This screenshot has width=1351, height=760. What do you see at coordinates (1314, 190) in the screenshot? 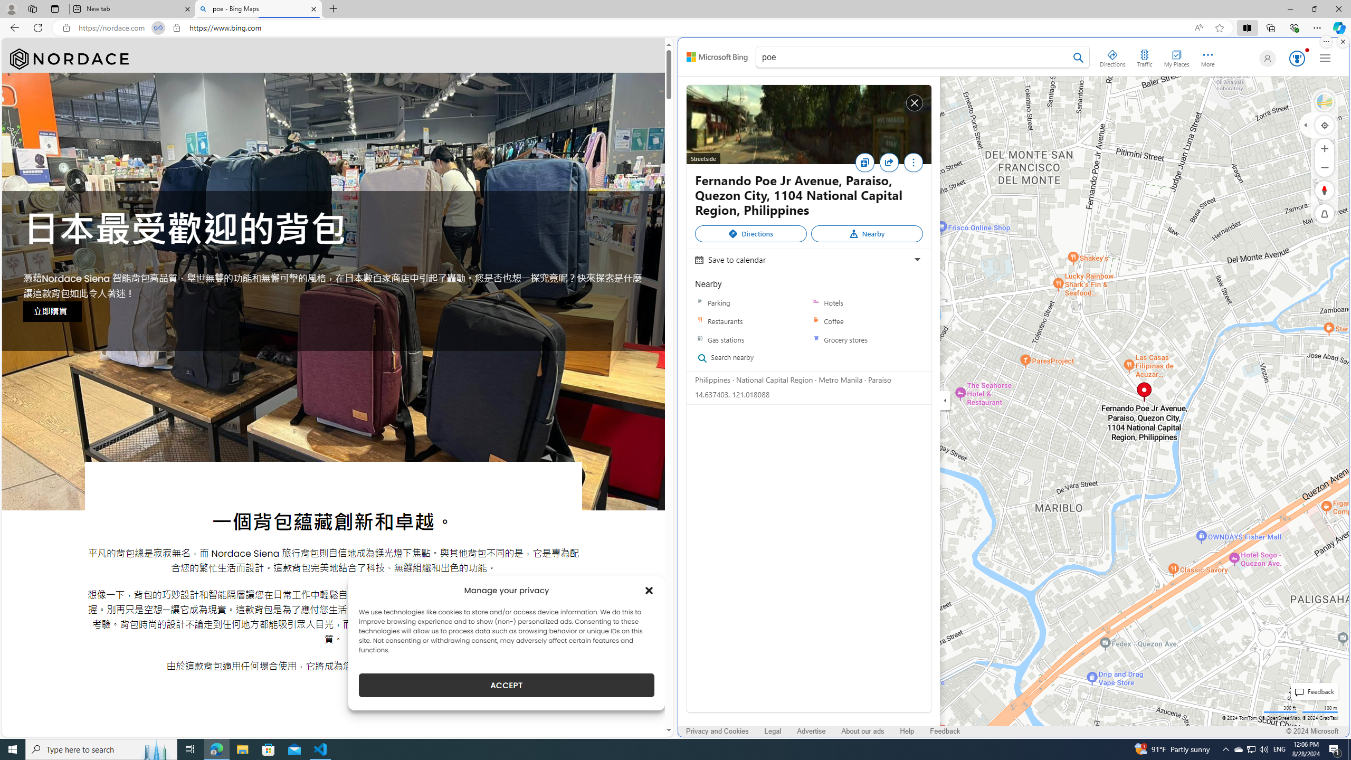
I see `'Rotate Right'` at bounding box center [1314, 190].